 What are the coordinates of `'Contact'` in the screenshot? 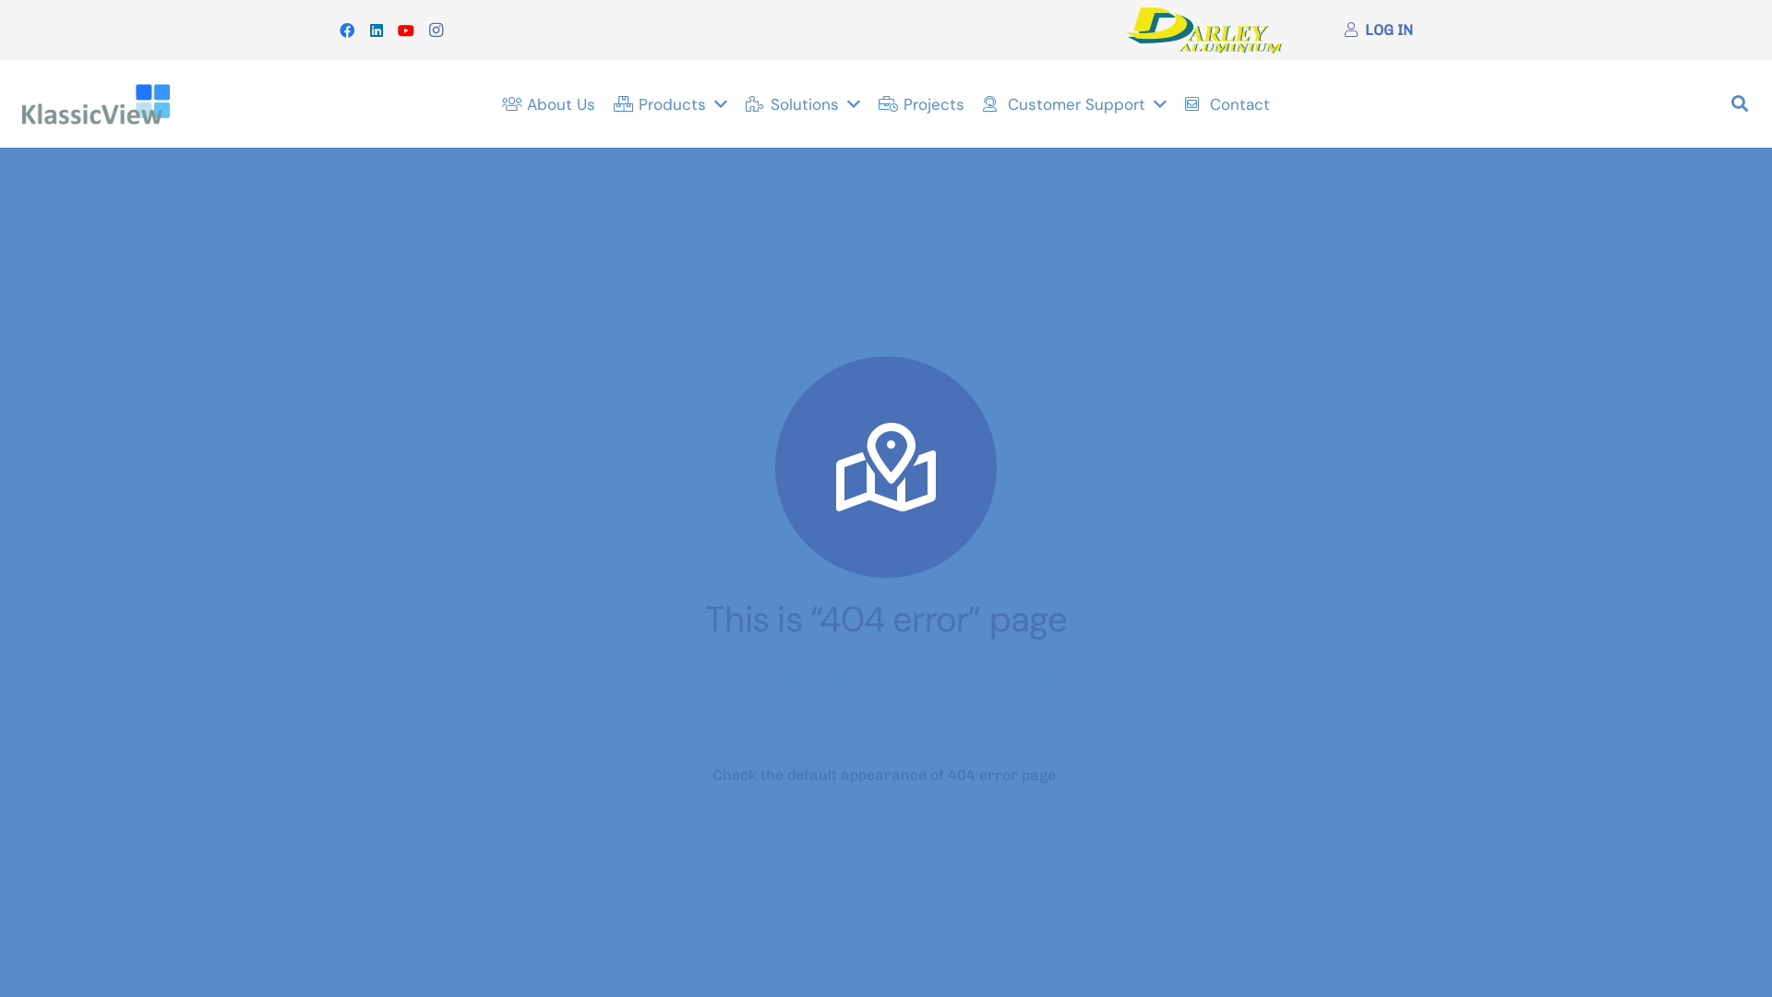 It's located at (1174, 103).